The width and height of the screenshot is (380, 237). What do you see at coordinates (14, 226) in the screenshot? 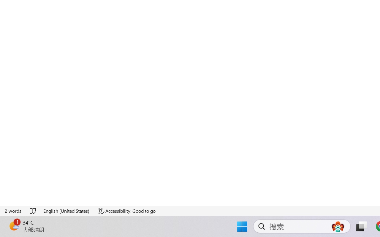
I see `'AutomationID: BadgeAnchorLargeTicker'` at bounding box center [14, 226].